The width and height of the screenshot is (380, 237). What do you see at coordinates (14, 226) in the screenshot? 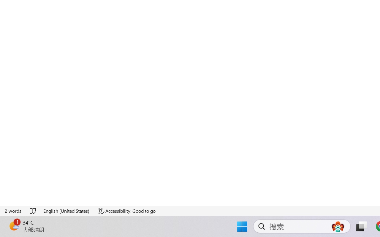
I see `'AutomationID: BadgeAnchorLargeTicker'` at bounding box center [14, 226].